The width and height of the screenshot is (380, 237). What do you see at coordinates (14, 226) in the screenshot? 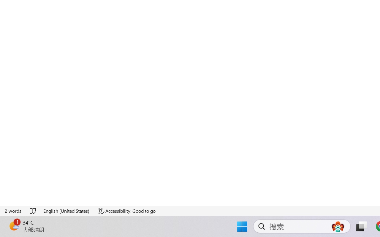
I see `'AutomationID: BadgeAnchorLargeTicker'` at bounding box center [14, 226].